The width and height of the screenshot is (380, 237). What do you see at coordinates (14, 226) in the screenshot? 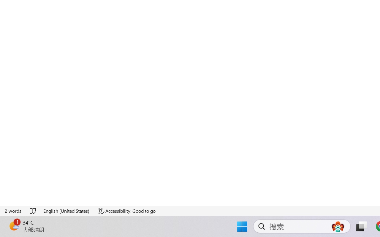
I see `'AutomationID: BadgeAnchorLargeTicker'` at bounding box center [14, 226].